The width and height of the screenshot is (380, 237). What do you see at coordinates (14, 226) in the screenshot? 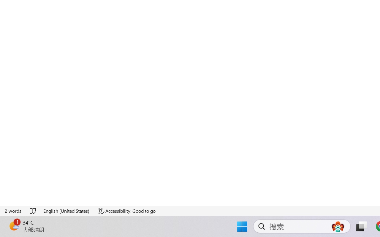
I see `'AutomationID: BadgeAnchorLargeTicker'` at bounding box center [14, 226].